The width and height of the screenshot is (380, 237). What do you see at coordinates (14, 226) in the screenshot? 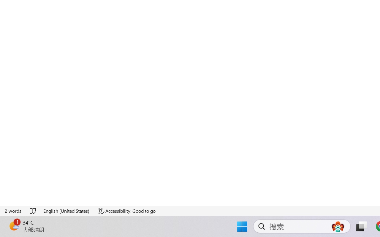
I see `'AutomationID: BadgeAnchorLargeTicker'` at bounding box center [14, 226].